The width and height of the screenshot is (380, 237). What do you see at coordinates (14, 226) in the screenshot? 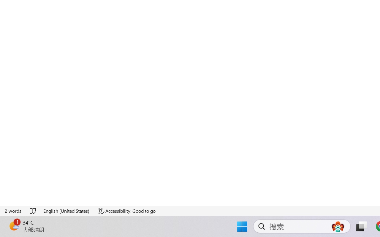
I see `'AutomationID: BadgeAnchorLargeTicker'` at bounding box center [14, 226].